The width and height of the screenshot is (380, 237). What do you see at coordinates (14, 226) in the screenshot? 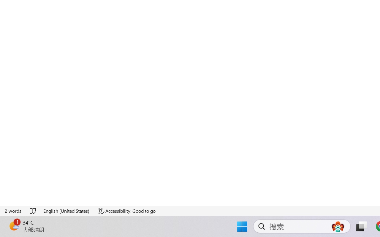
I see `'AutomationID: BadgeAnchorLargeTicker'` at bounding box center [14, 226].